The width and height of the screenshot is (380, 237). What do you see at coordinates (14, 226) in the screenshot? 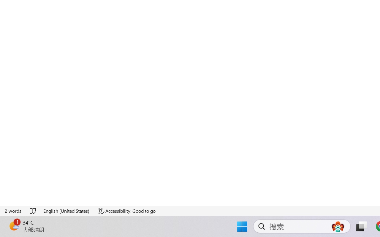
I see `'AutomationID: BadgeAnchorLargeTicker'` at bounding box center [14, 226].